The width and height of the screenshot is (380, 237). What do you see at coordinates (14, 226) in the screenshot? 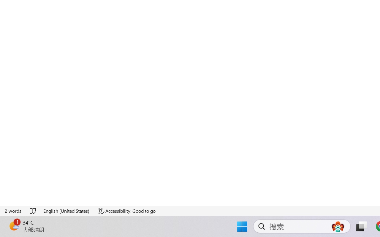
I see `'AutomationID: BadgeAnchorLargeTicker'` at bounding box center [14, 226].